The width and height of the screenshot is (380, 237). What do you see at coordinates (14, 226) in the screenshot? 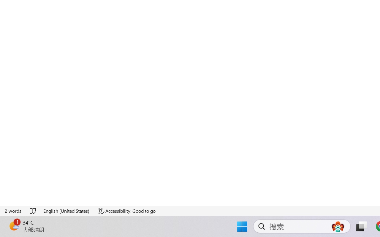
I see `'AutomationID: BadgeAnchorLargeTicker'` at bounding box center [14, 226].